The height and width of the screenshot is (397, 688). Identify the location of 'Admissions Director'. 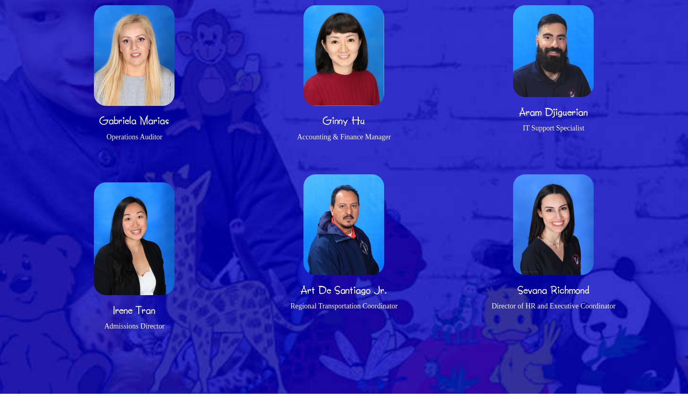
(134, 326).